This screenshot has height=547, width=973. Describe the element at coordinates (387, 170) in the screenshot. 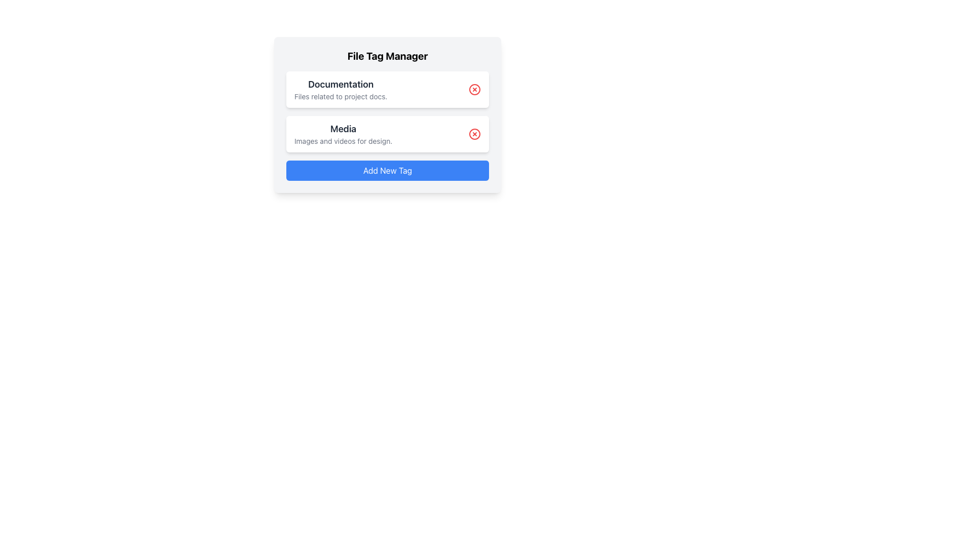

I see `the large blue button labeled 'Add New Tag'` at that location.